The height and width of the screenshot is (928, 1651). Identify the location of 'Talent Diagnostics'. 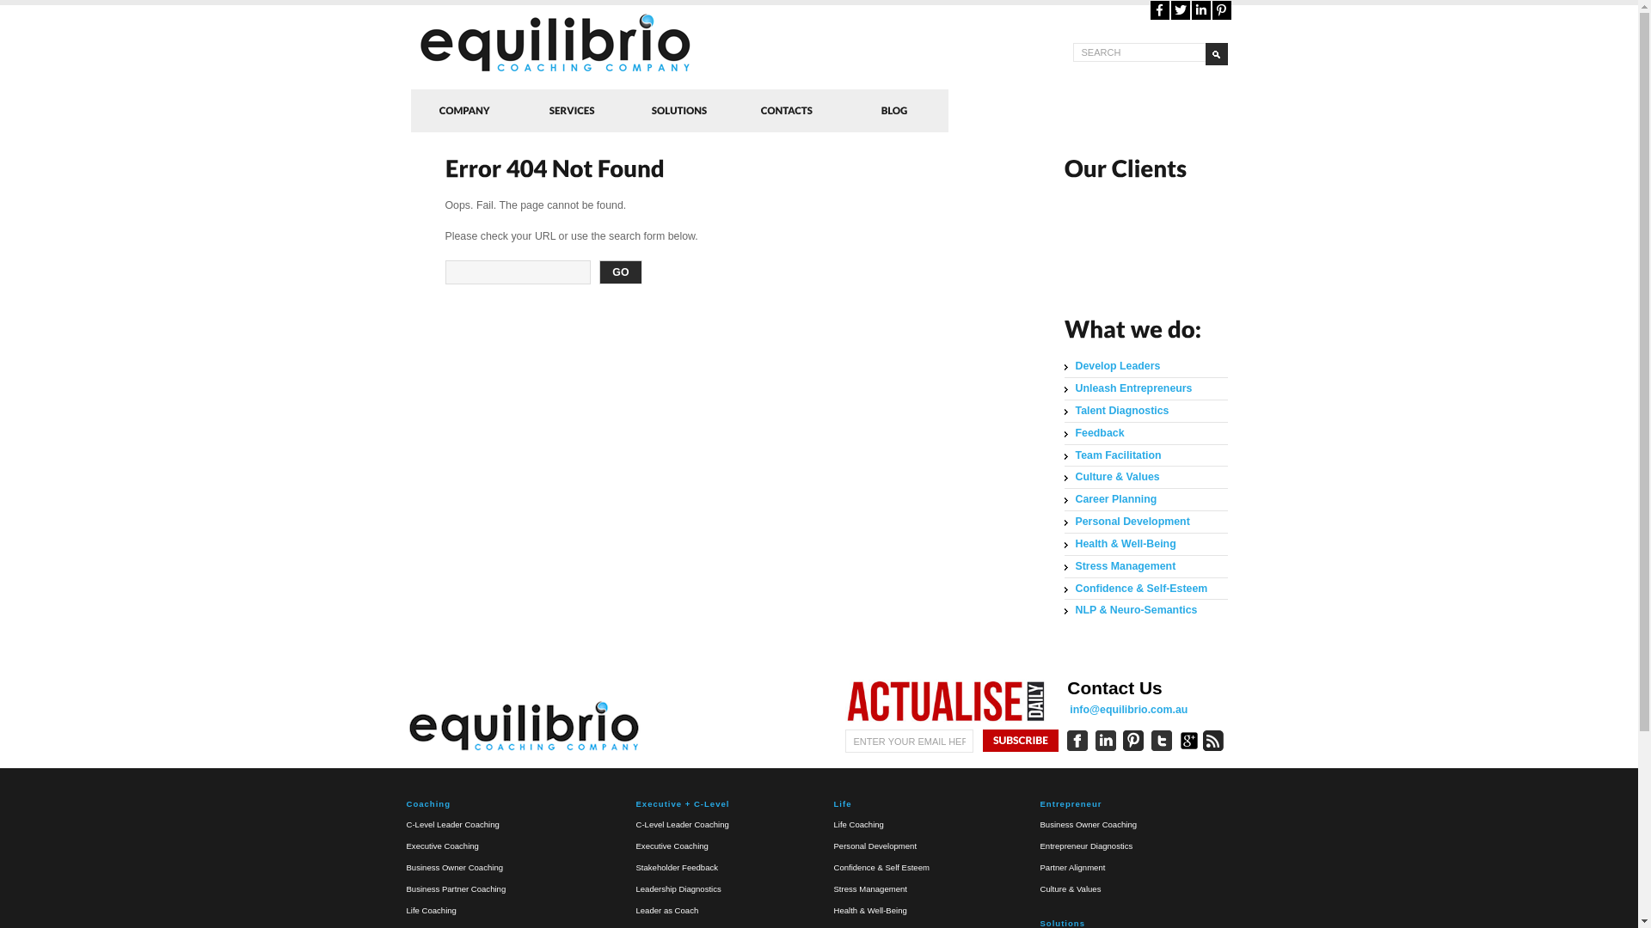
(1119, 411).